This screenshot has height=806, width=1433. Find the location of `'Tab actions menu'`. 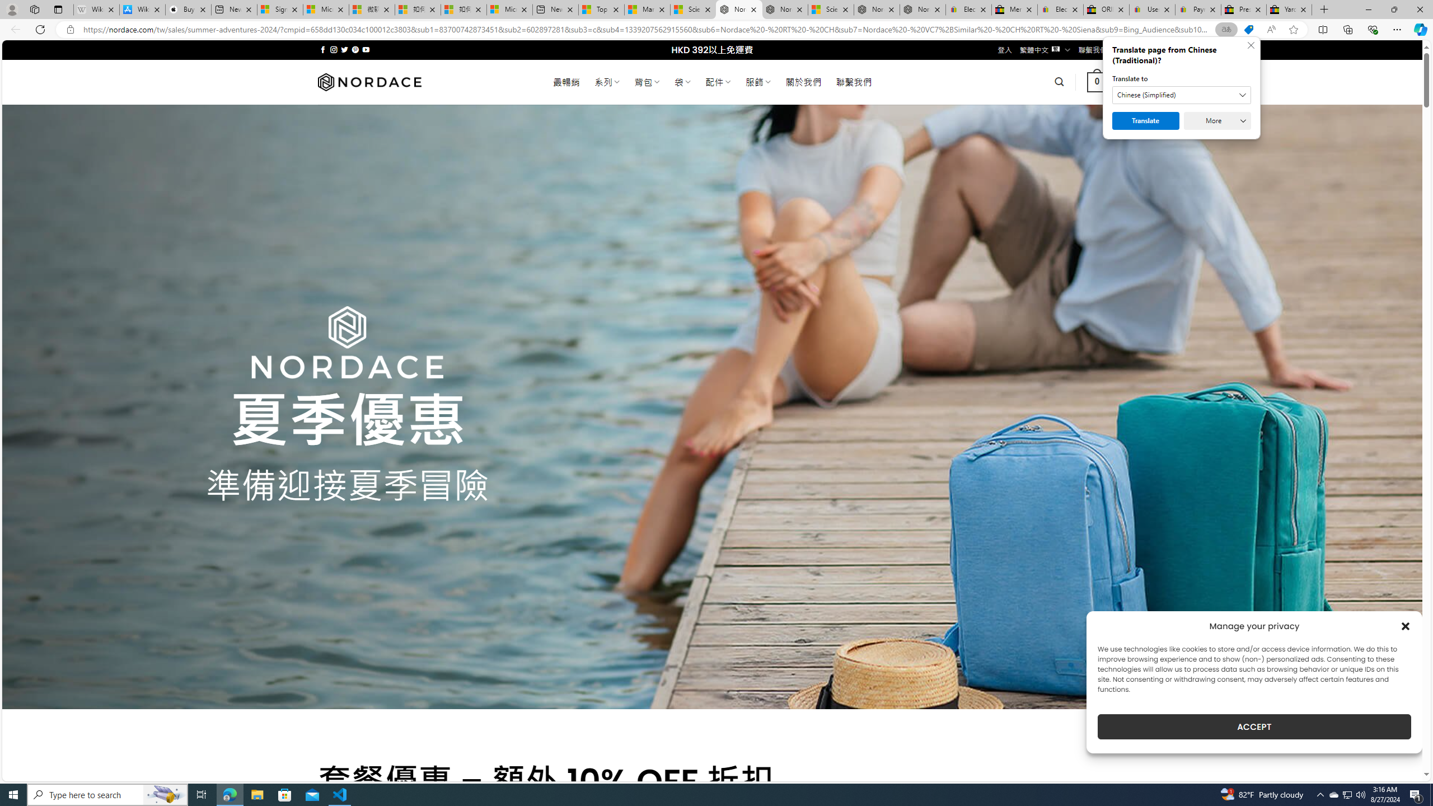

'Tab actions menu' is located at coordinates (57, 9).